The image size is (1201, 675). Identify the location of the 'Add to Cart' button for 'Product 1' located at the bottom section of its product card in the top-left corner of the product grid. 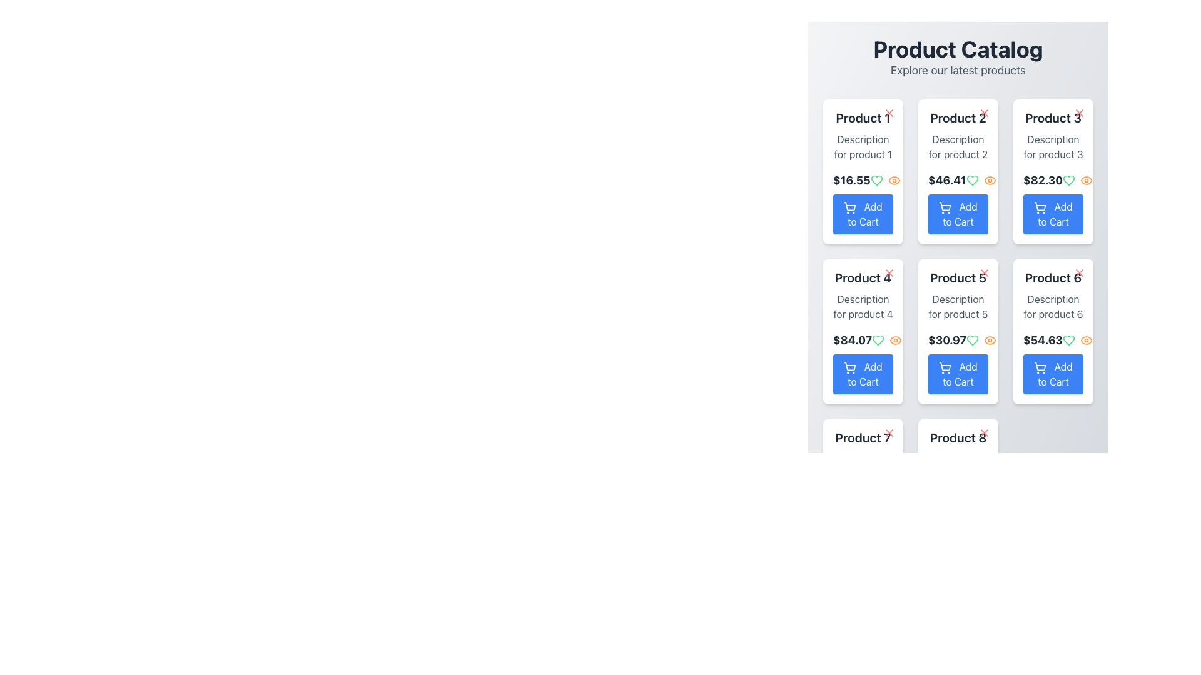
(863, 214).